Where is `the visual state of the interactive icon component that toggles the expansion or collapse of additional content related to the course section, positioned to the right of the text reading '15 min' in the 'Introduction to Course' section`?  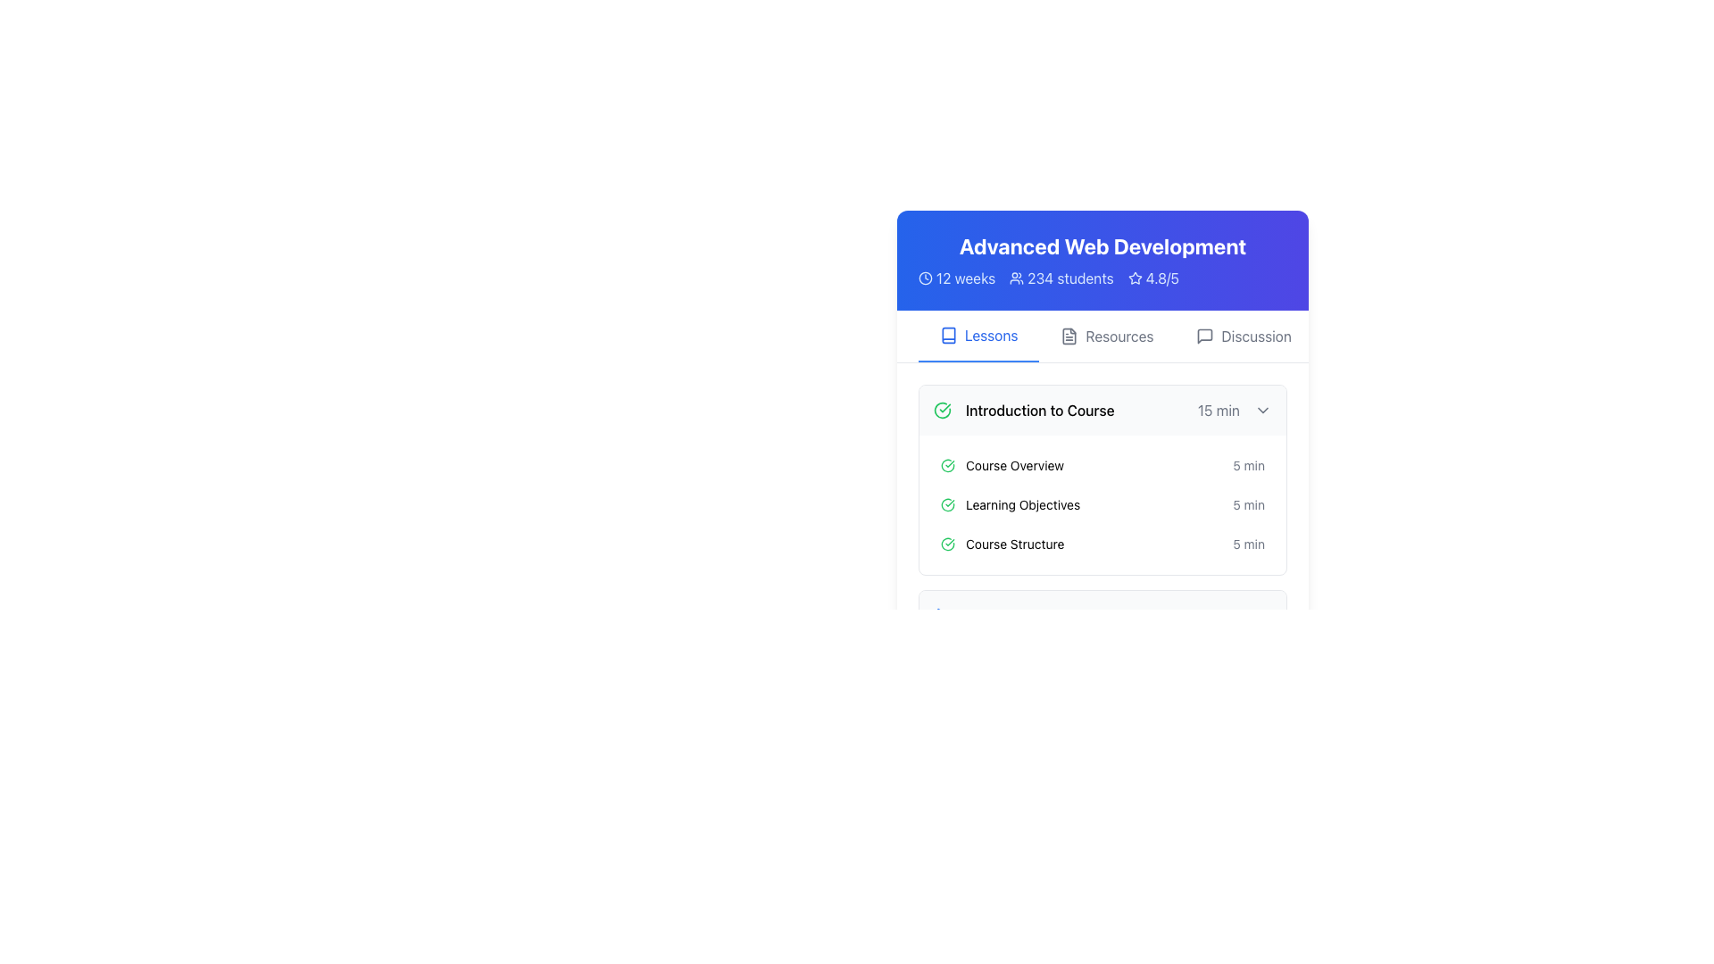 the visual state of the interactive icon component that toggles the expansion or collapse of additional content related to the course section, positioned to the right of the text reading '15 min' in the 'Introduction to Course' section is located at coordinates (1262, 410).